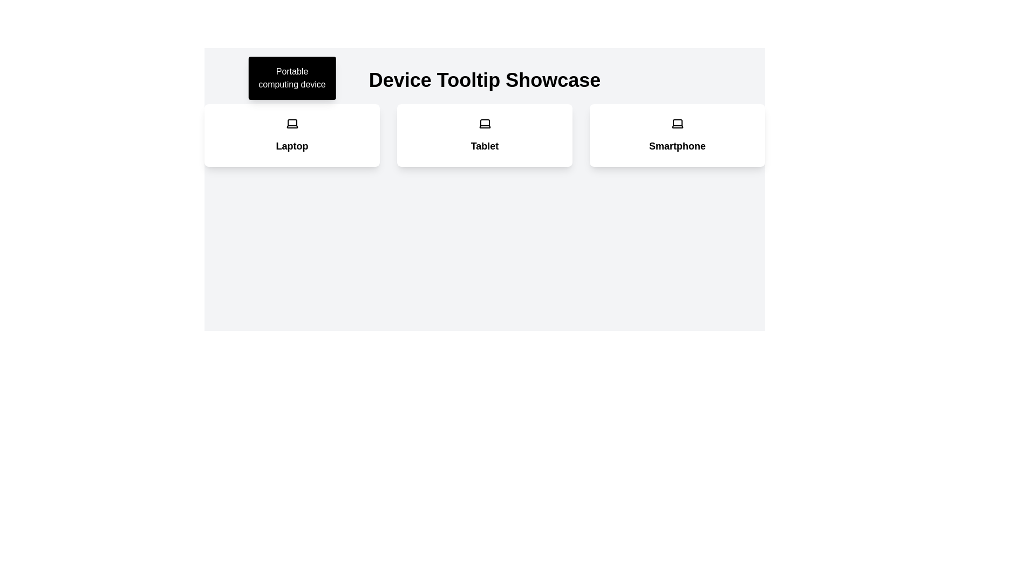  Describe the element at coordinates (677, 146) in the screenshot. I see `the bold text label reading 'Smartphone' located at the bottom-center of the rightmost card, positioned below a laptop icon` at that location.